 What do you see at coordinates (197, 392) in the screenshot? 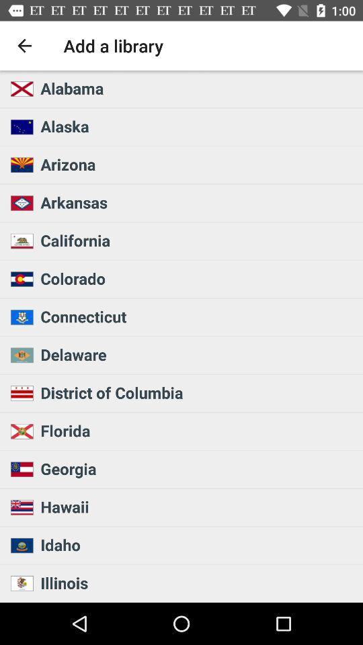
I see `icon below the delaware icon` at bounding box center [197, 392].